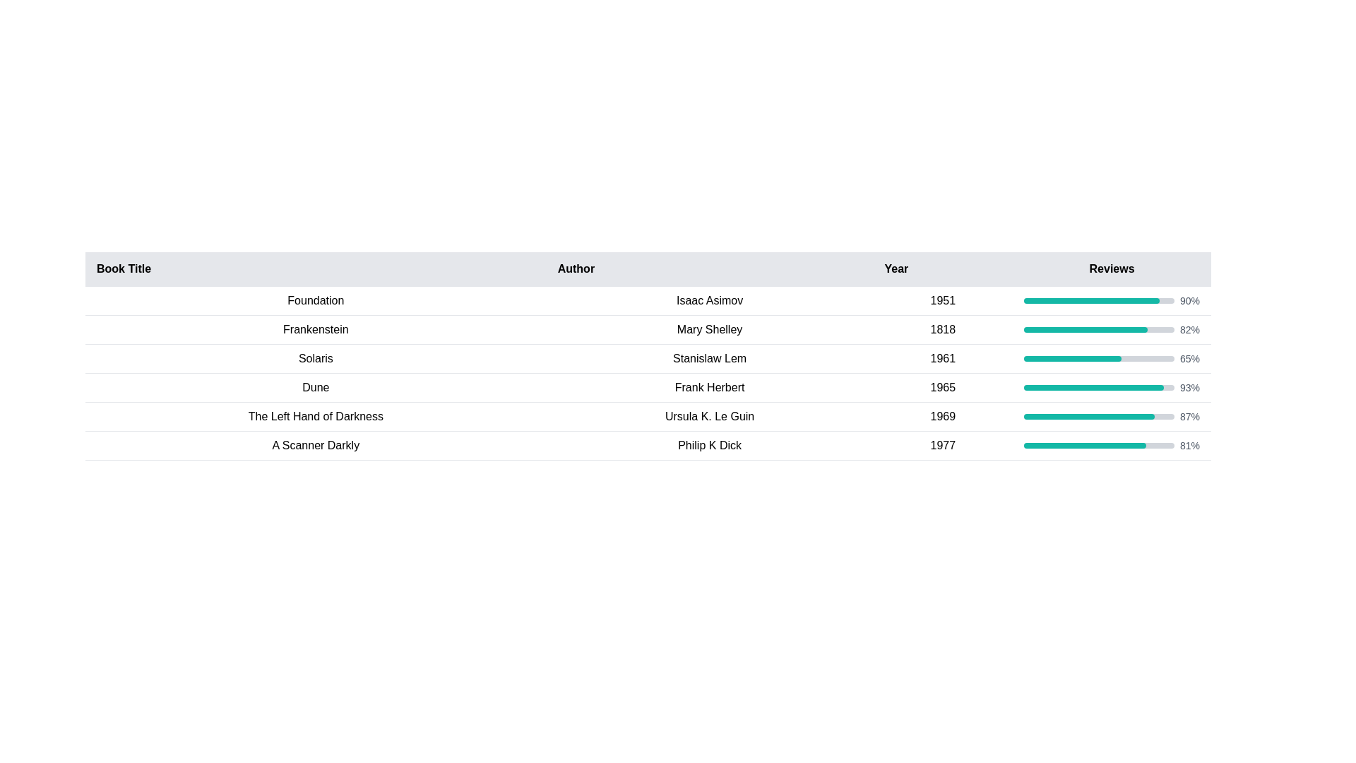 The image size is (1356, 763). Describe the element at coordinates (1111, 269) in the screenshot. I see `the fourth header cell of the table, which serves as a label for the review score data below` at that location.